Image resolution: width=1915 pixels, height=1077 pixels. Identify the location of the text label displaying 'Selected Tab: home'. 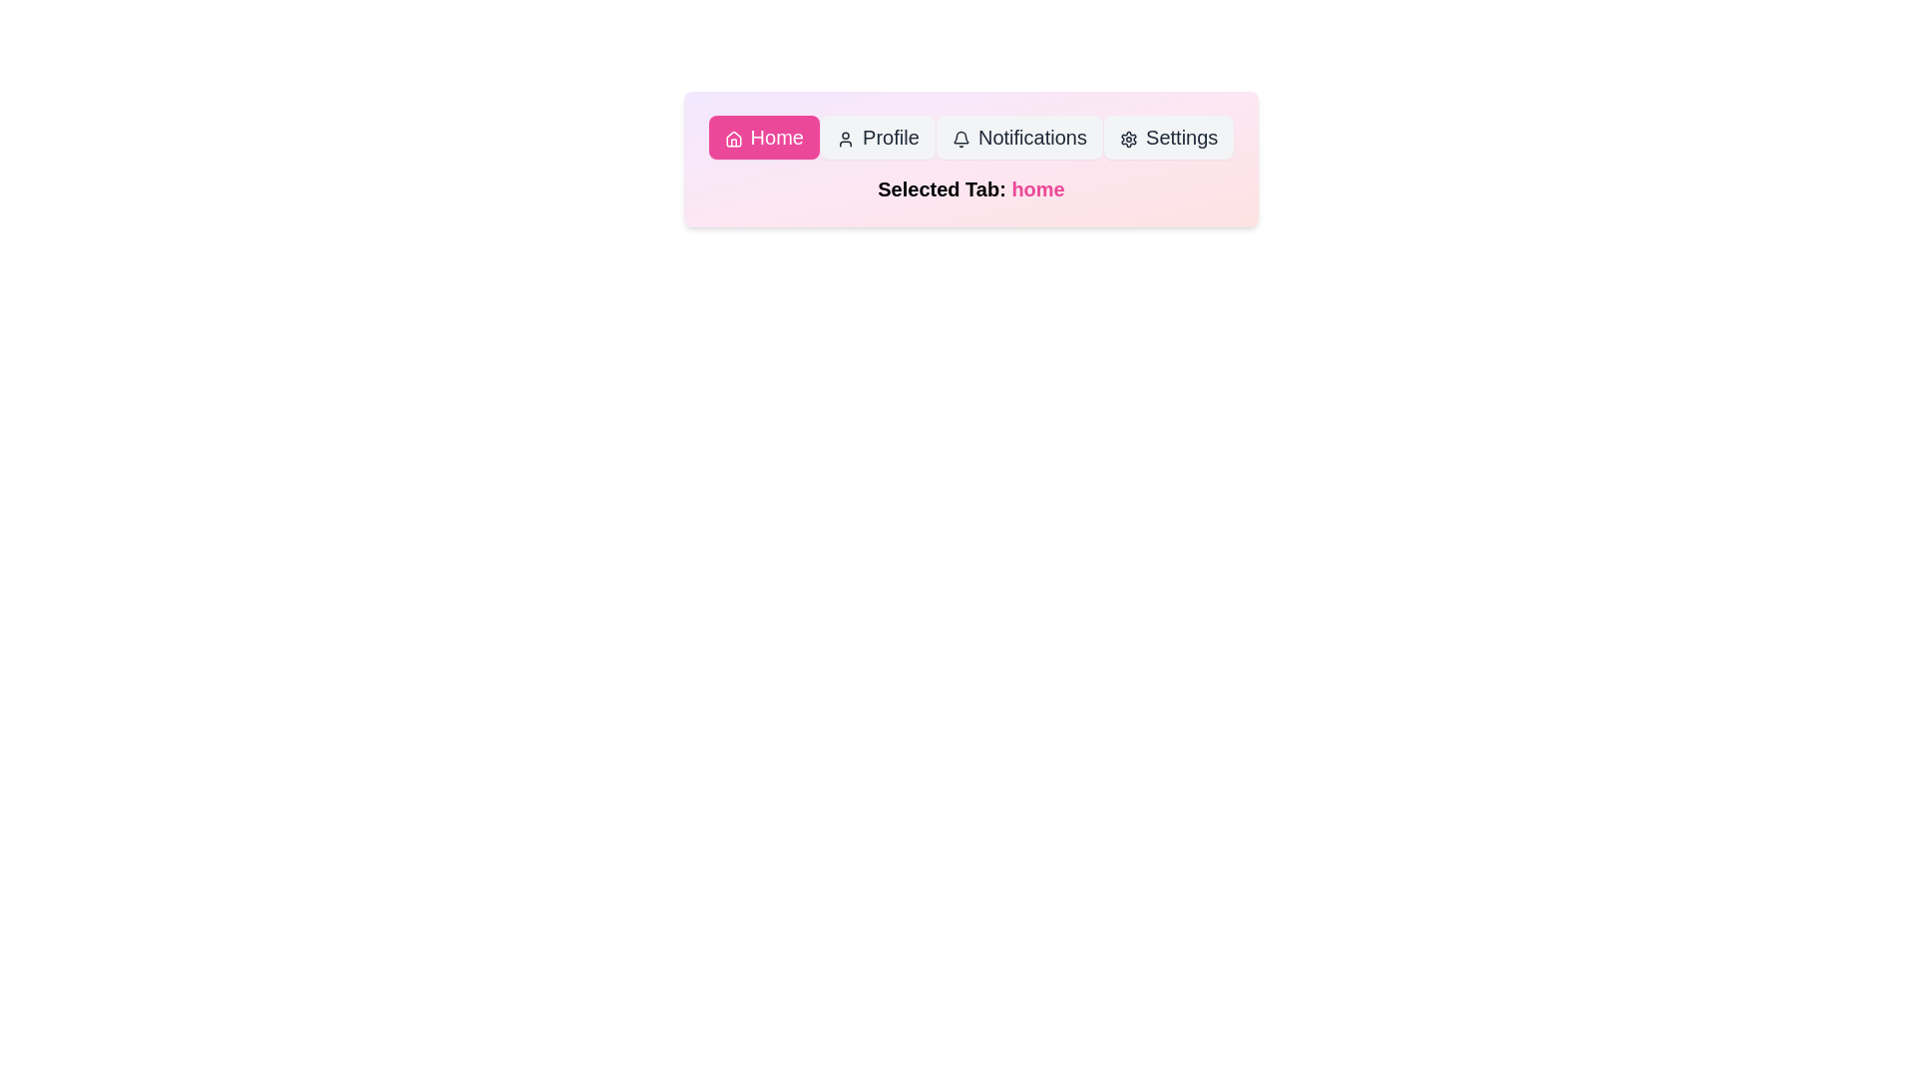
(971, 188).